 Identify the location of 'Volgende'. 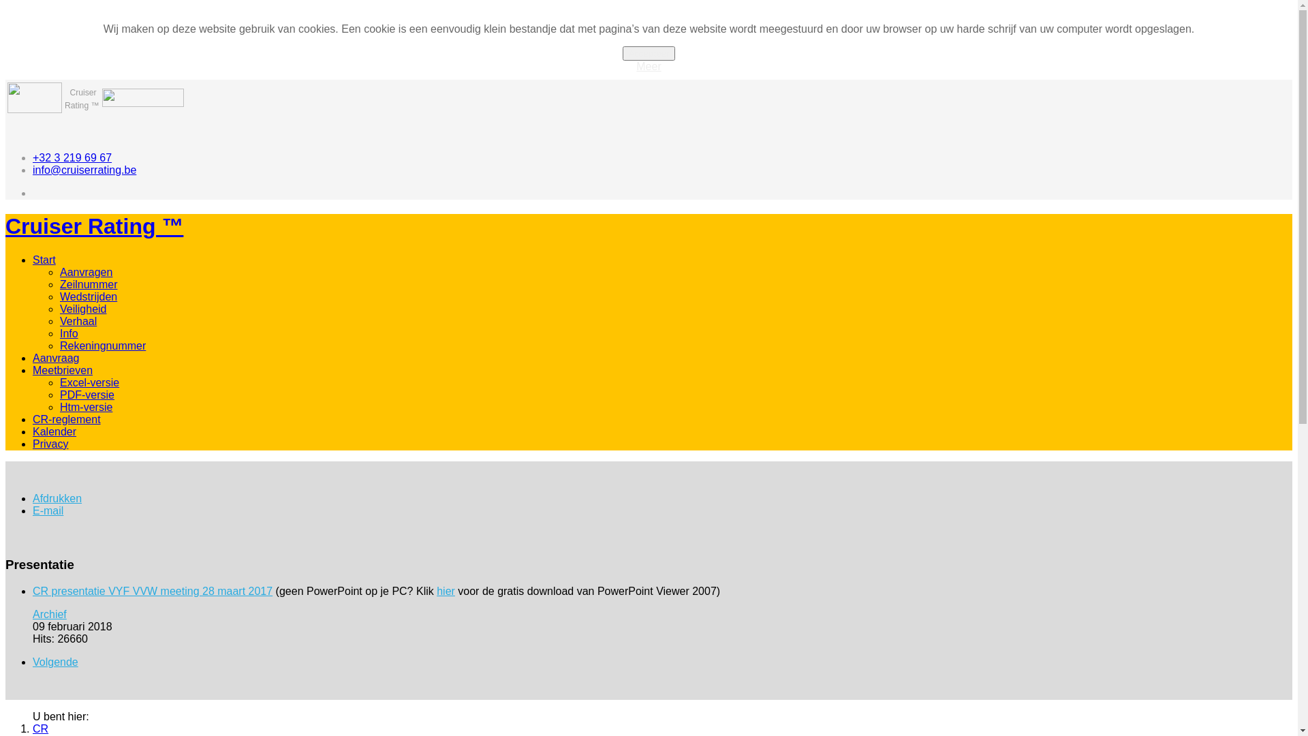
(54, 661).